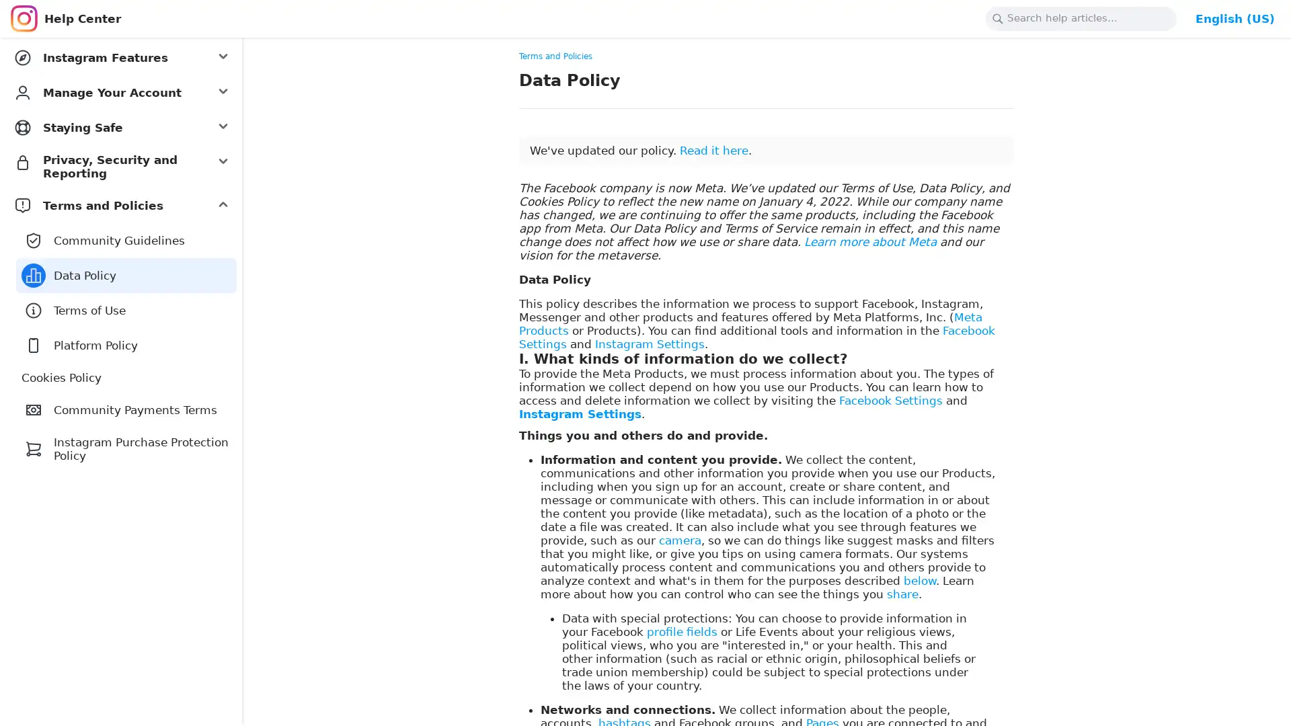 The image size is (1291, 726). Describe the element at coordinates (1237, 632) in the screenshot. I see `Dismiss` at that location.